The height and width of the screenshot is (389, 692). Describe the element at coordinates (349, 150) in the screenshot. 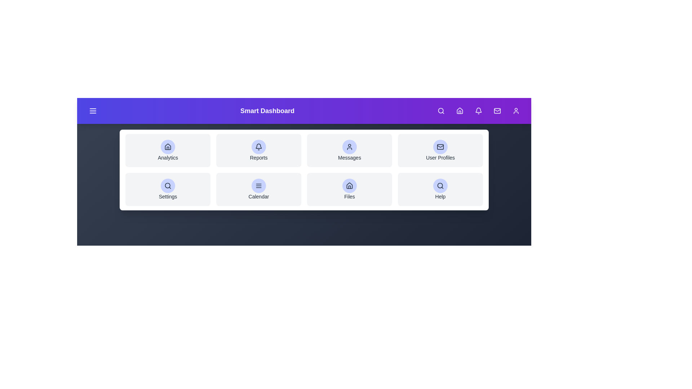

I see `the element labeled Messages to observe its hover effect` at that location.